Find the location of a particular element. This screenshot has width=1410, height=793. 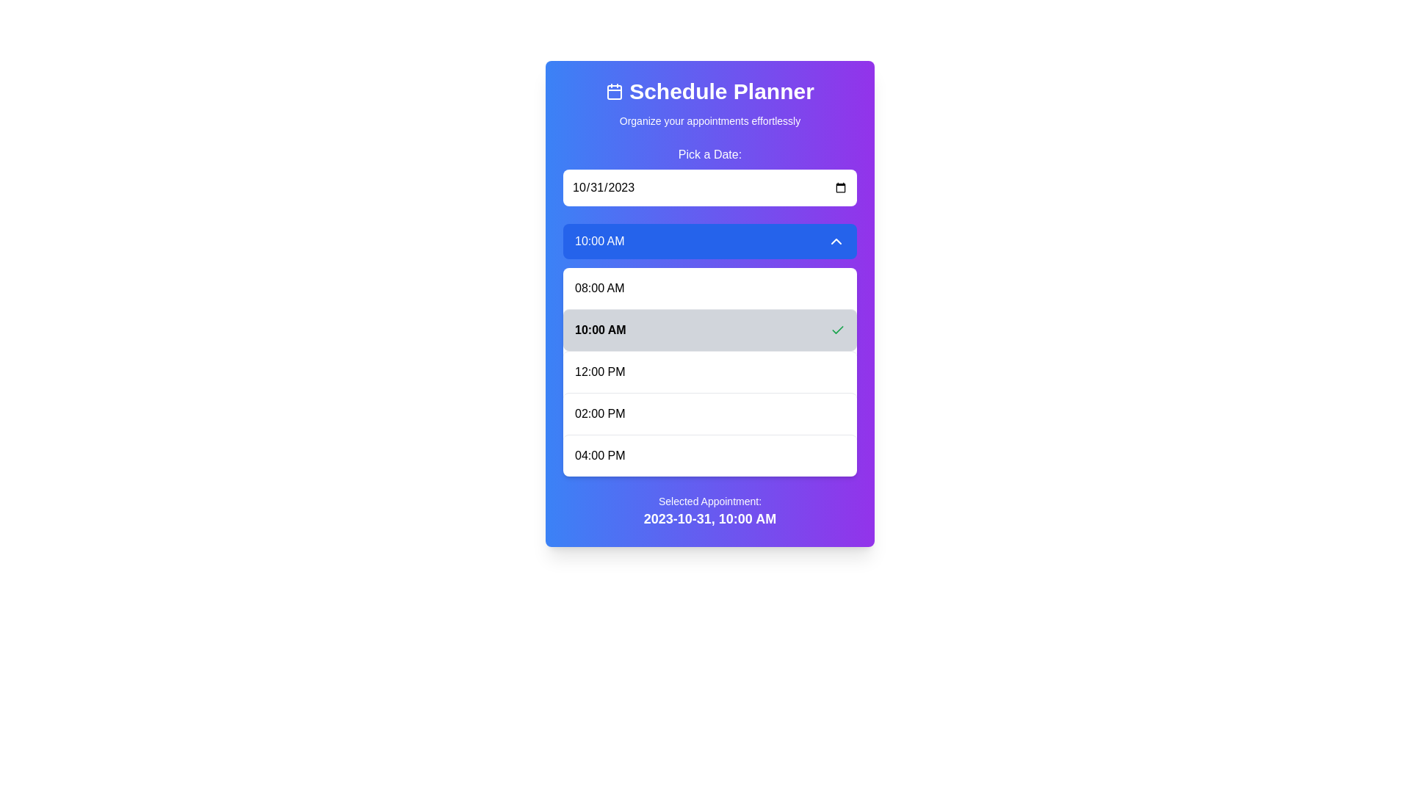

the selectable list item displaying '04:00 PM' in bold black font is located at coordinates (709, 455).